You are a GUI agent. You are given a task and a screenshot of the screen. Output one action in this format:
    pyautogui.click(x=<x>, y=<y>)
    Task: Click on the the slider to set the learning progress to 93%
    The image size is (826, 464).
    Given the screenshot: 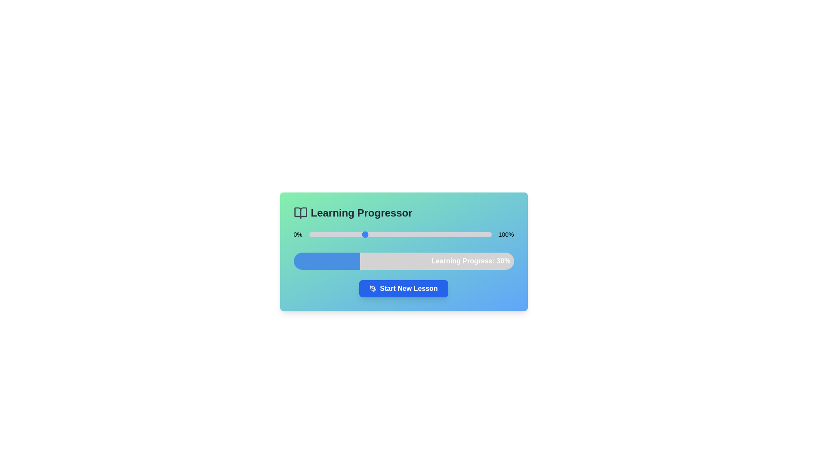 What is the action you would take?
    pyautogui.click(x=478, y=235)
    